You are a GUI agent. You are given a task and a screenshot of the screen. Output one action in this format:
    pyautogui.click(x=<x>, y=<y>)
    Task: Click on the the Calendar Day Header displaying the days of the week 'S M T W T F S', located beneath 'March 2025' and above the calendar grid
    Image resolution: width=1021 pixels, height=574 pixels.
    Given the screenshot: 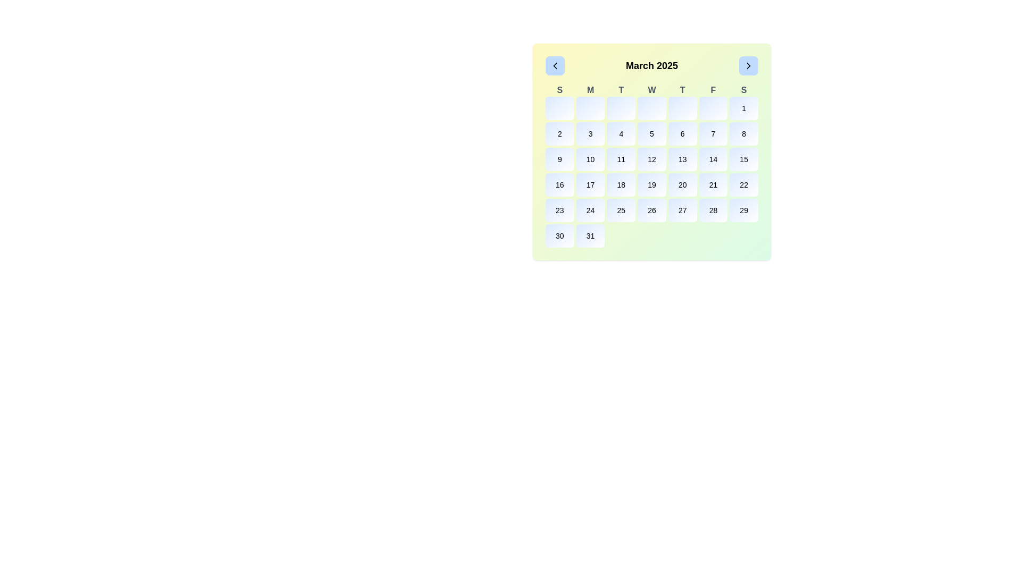 What is the action you would take?
    pyautogui.click(x=651, y=89)
    